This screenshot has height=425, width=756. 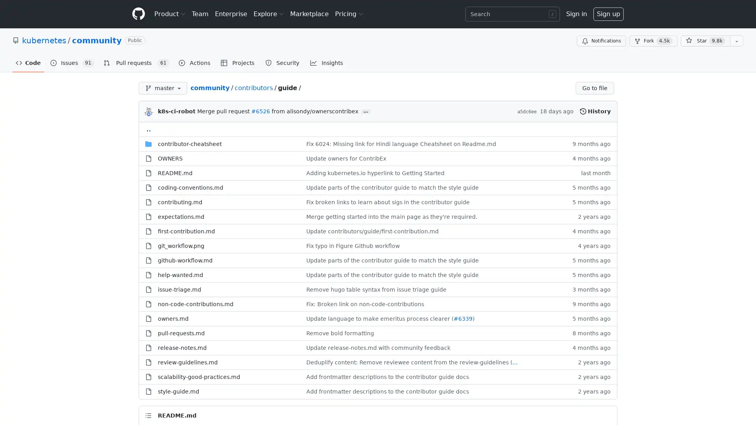 What do you see at coordinates (365, 112) in the screenshot?
I see `...` at bounding box center [365, 112].